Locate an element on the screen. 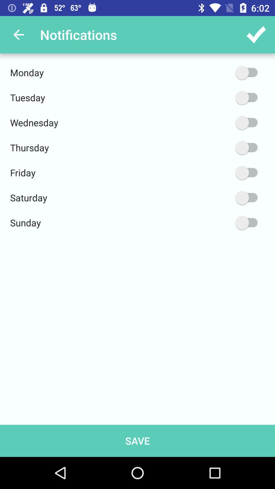 This screenshot has height=489, width=275. turn on/off tuesday notifications is located at coordinates (222, 98).